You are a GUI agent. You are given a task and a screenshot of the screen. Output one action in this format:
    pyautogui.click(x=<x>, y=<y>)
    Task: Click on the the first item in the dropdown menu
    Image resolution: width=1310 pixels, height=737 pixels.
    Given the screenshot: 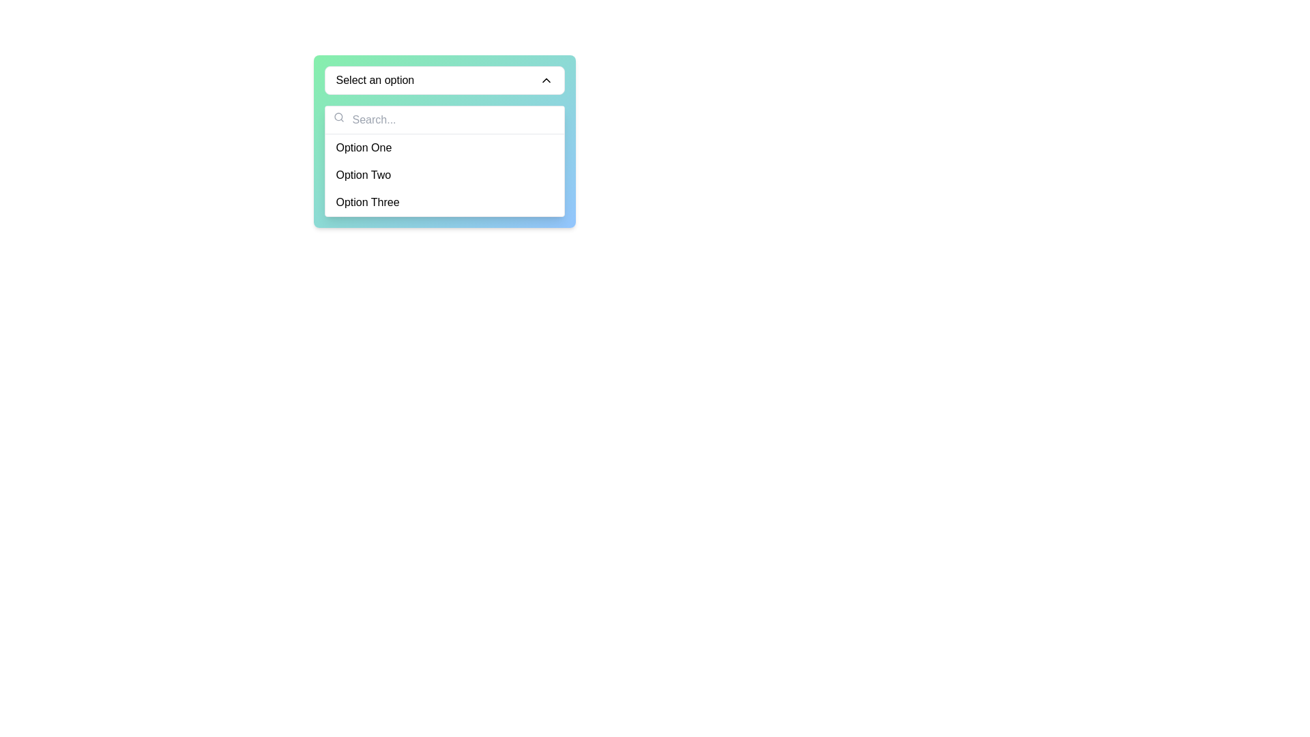 What is the action you would take?
    pyautogui.click(x=444, y=147)
    